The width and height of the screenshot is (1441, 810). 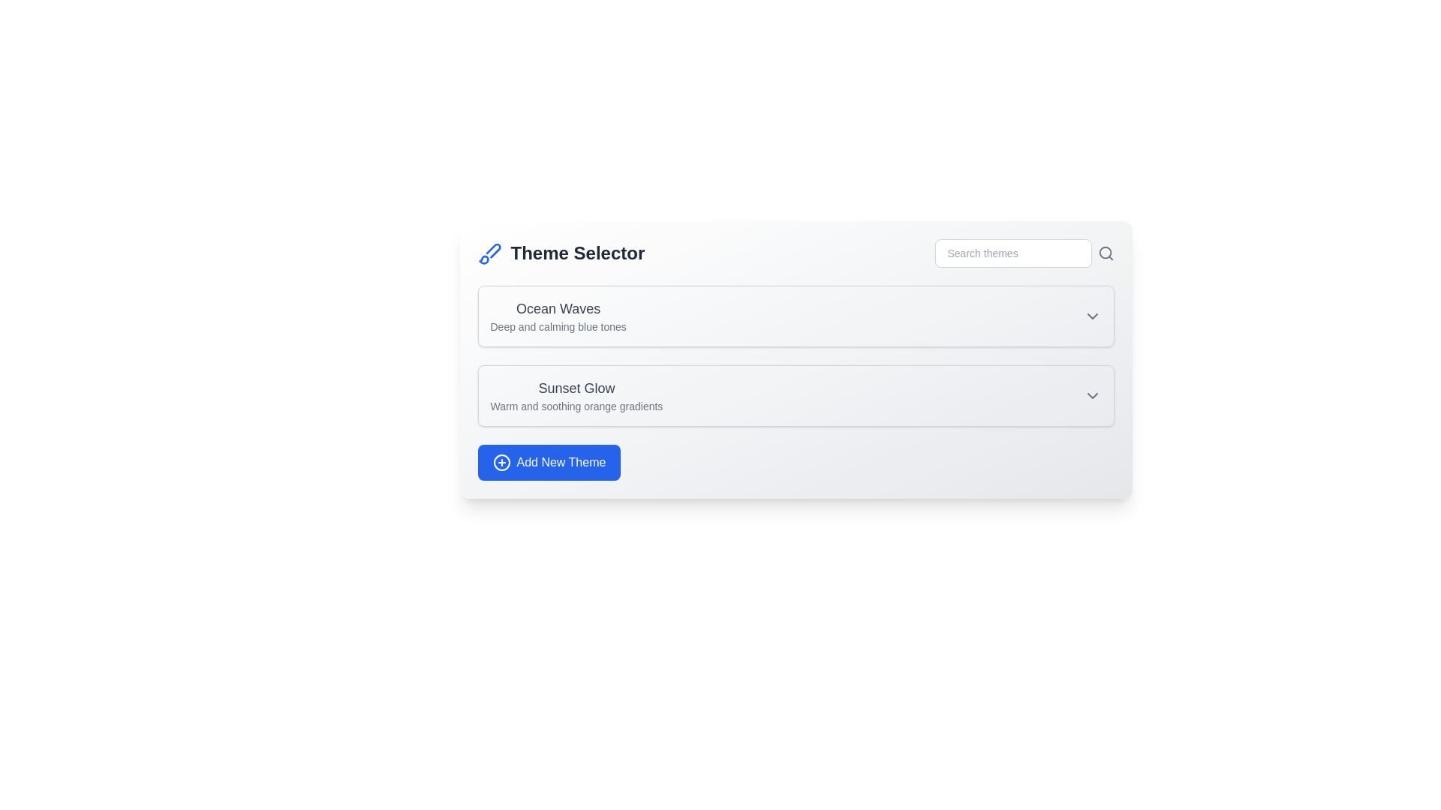 I want to click on accessibility attributes of the selectable theme option labeled 'Ocean Waves' in the theme chooser interface, which is the uppermost item in the vertical selection list, so click(x=795, y=315).